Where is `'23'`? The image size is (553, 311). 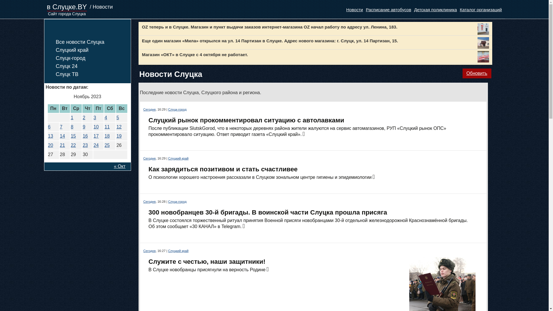
'23' is located at coordinates (85, 145).